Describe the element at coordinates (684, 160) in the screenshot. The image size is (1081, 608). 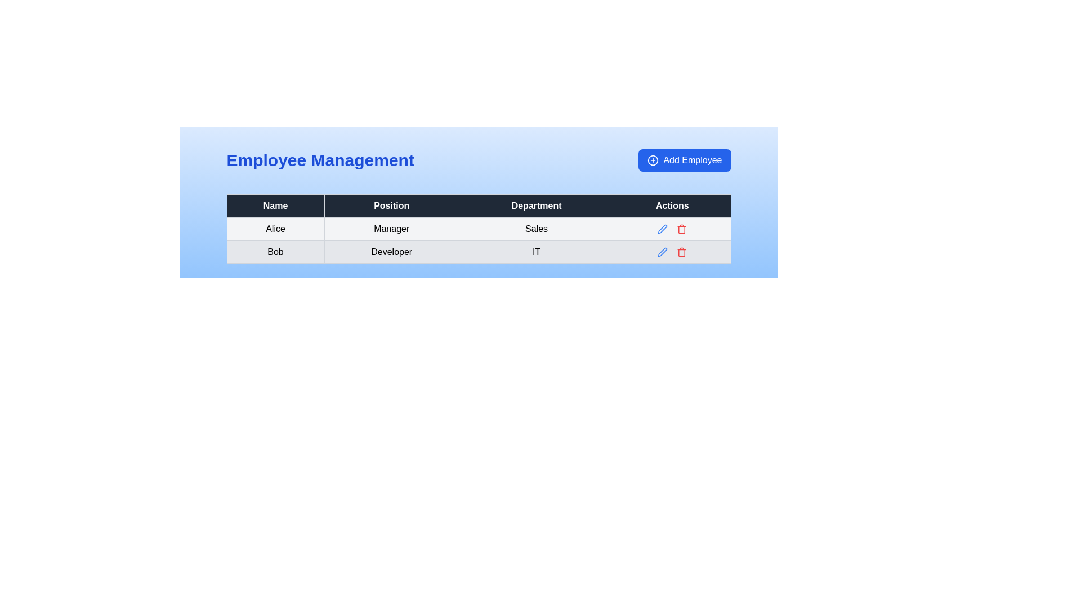
I see `the 'Add Employee' button, which features a blue background, rounded corners, and white text with a '+' icon, located at the upper-right corner of the section next to 'Employee Management'` at that location.